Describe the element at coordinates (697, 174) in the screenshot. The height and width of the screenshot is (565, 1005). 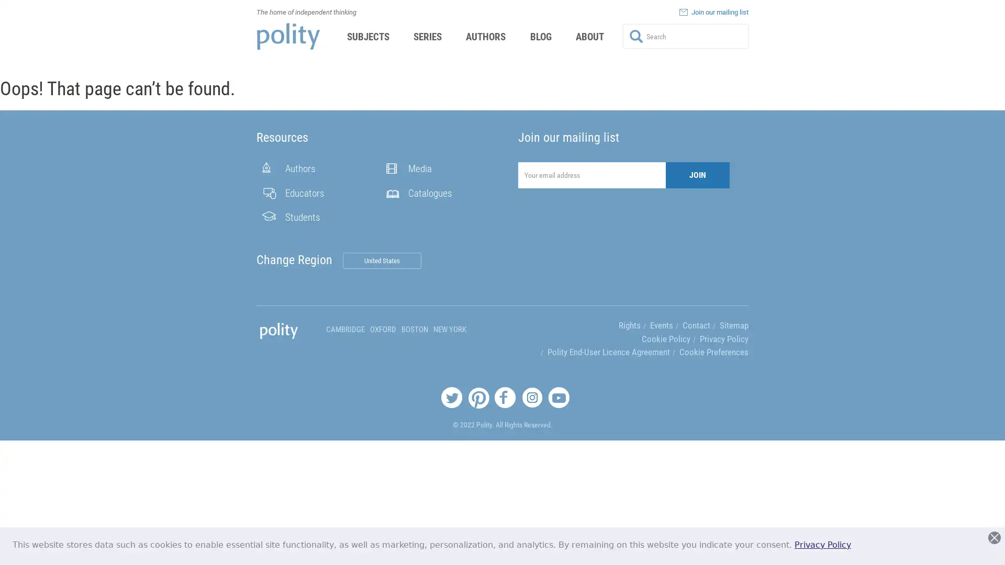
I see `JOIN` at that location.